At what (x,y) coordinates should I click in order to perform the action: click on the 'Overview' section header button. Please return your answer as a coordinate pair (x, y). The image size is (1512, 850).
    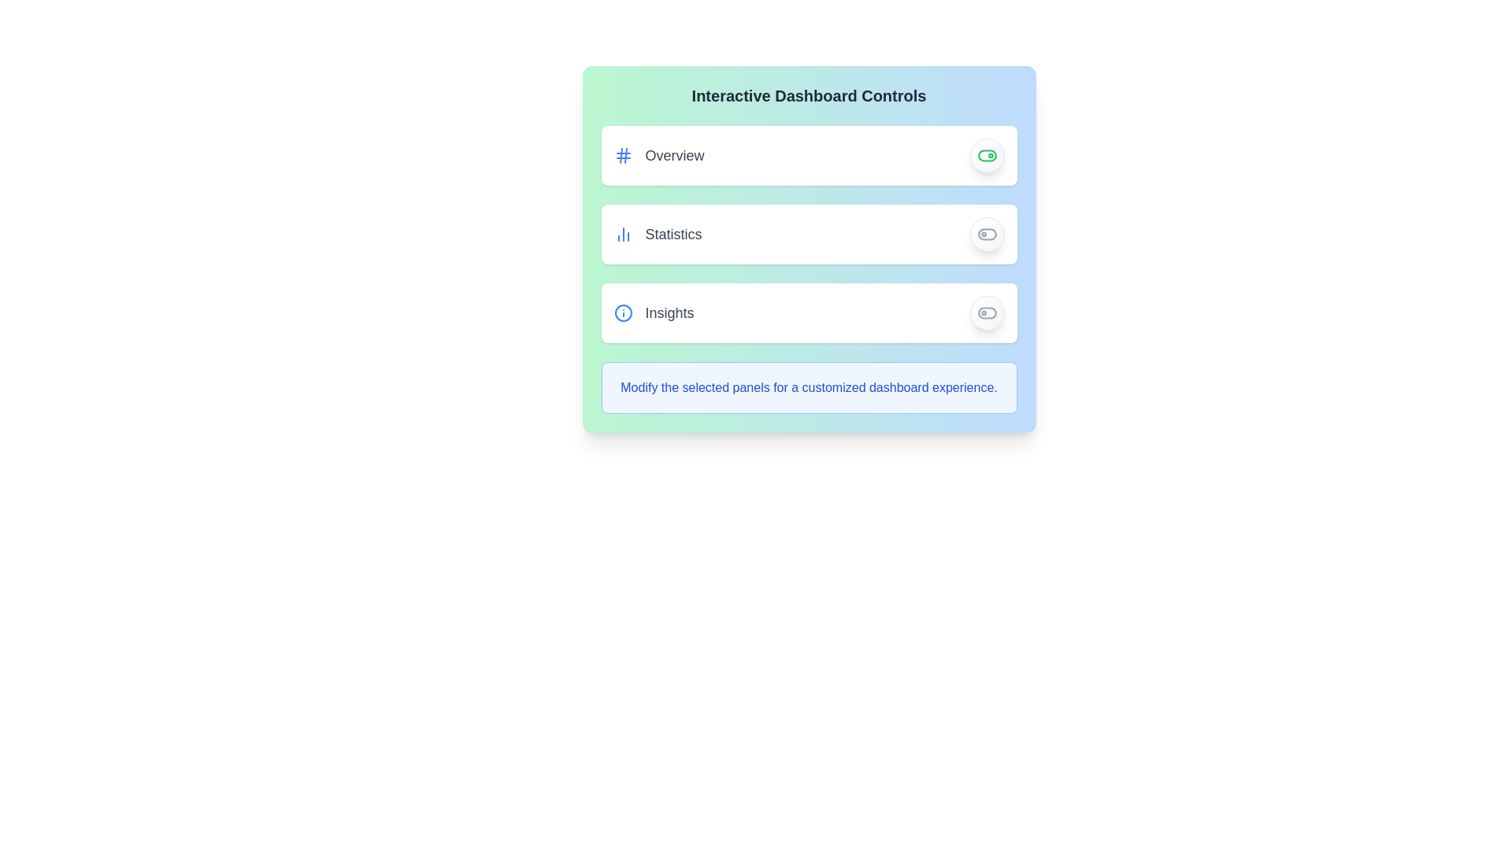
    Looking at the image, I should click on (658, 155).